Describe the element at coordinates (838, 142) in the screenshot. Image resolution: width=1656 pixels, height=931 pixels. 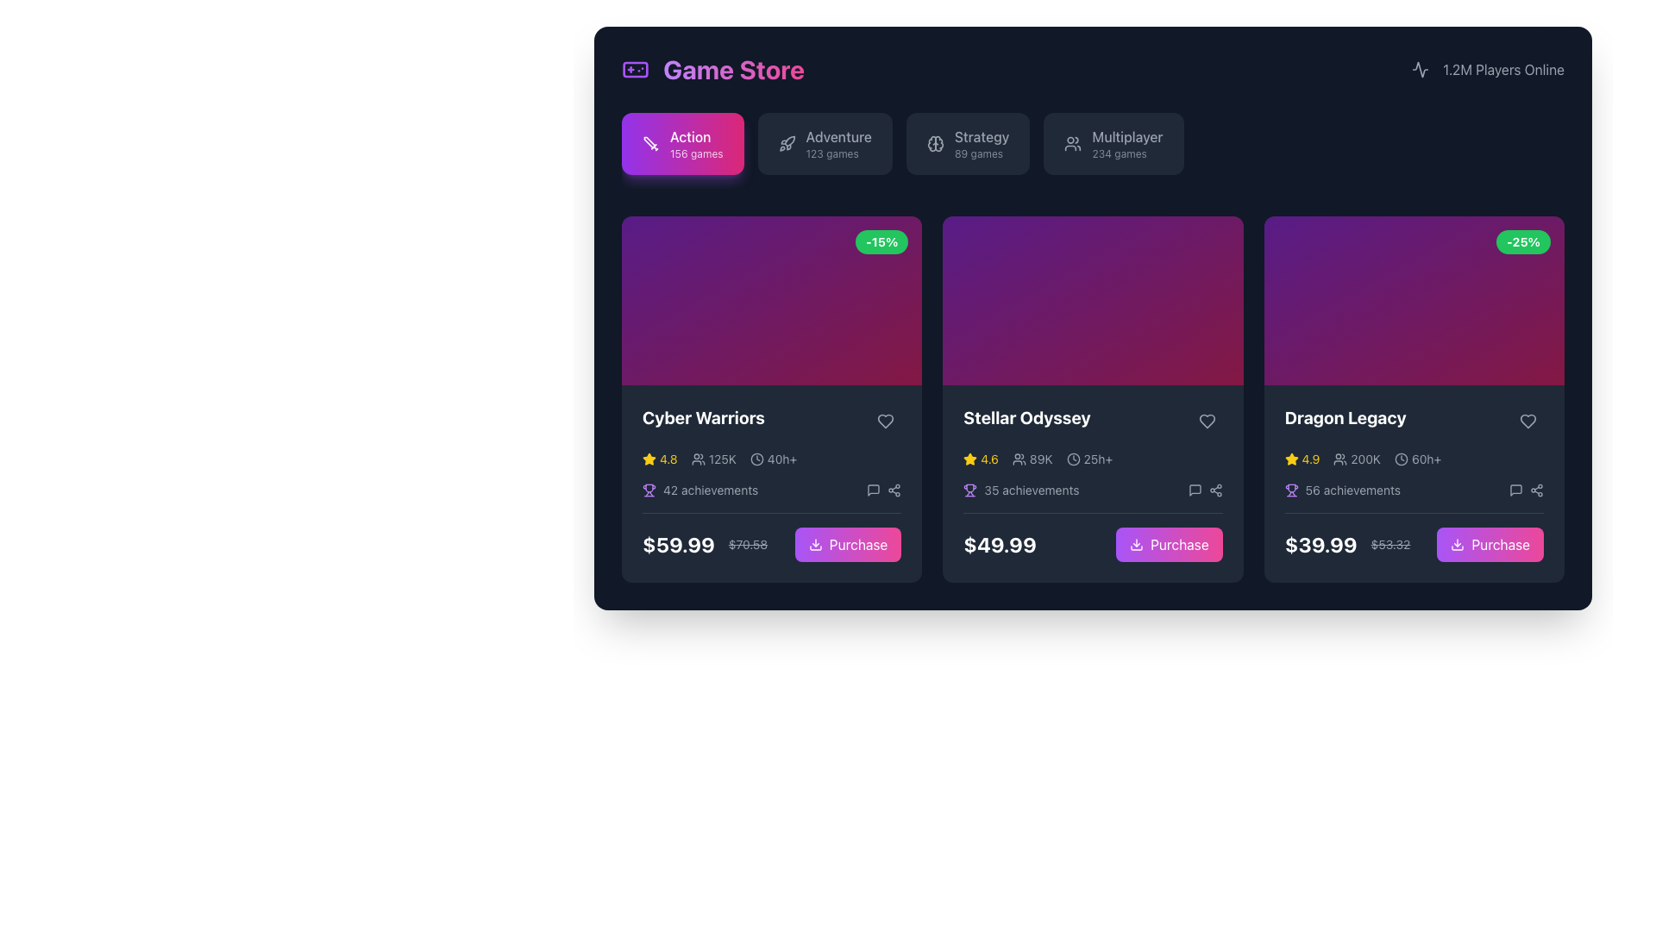
I see `the button labeled 'Adventure', which is the second button in the list under the 'Game Store' header` at that location.